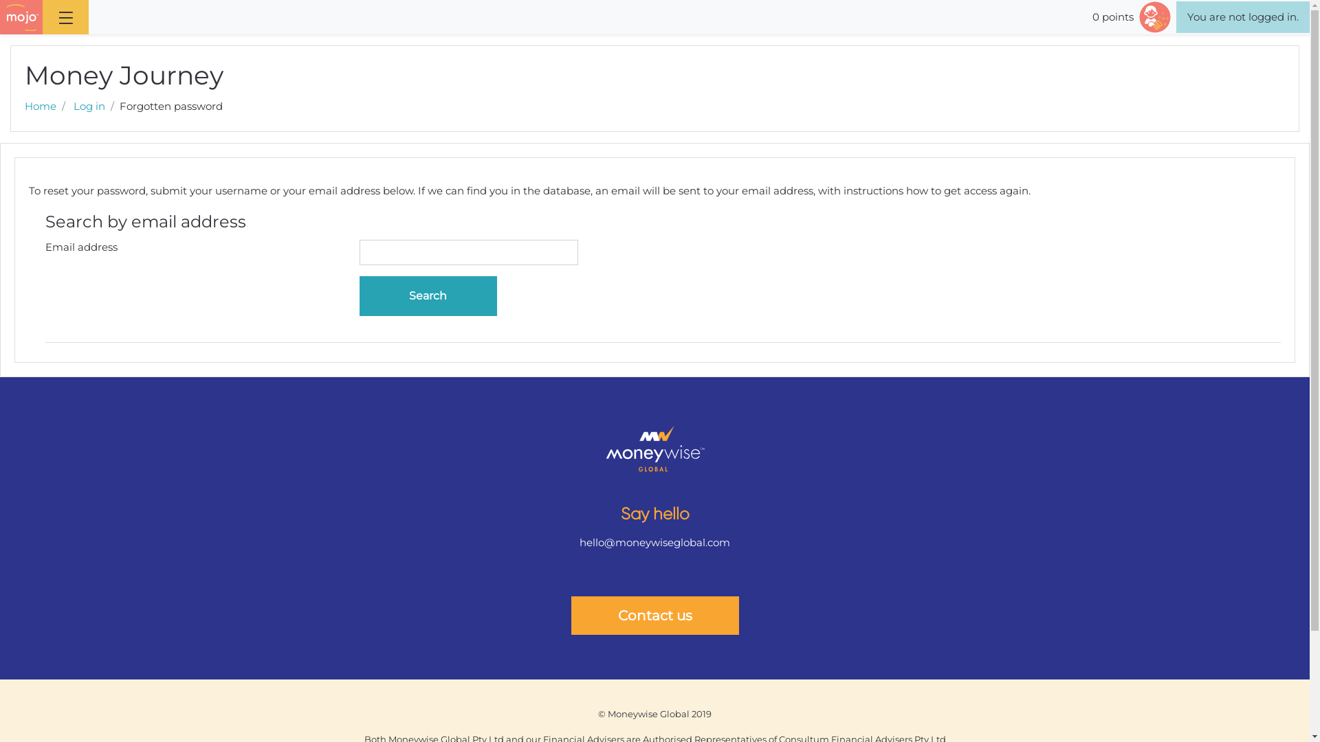 The width and height of the screenshot is (1320, 742). What do you see at coordinates (40, 105) in the screenshot?
I see `'Home'` at bounding box center [40, 105].